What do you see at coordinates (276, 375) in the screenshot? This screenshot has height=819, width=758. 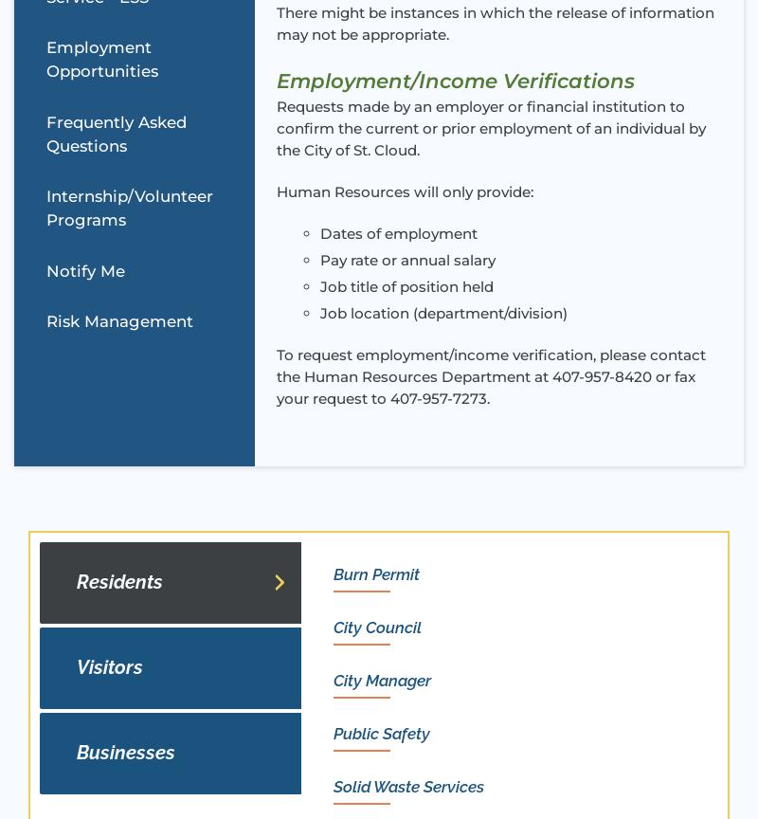 I see `'To request employment/income verification, please contact the Human Resources Department at 407-957-8420 or fax your request to 407-957-7273.'` at bounding box center [276, 375].